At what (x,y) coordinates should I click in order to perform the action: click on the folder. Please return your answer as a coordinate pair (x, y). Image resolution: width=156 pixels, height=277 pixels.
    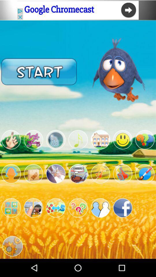
    Looking at the image, I should click on (11, 208).